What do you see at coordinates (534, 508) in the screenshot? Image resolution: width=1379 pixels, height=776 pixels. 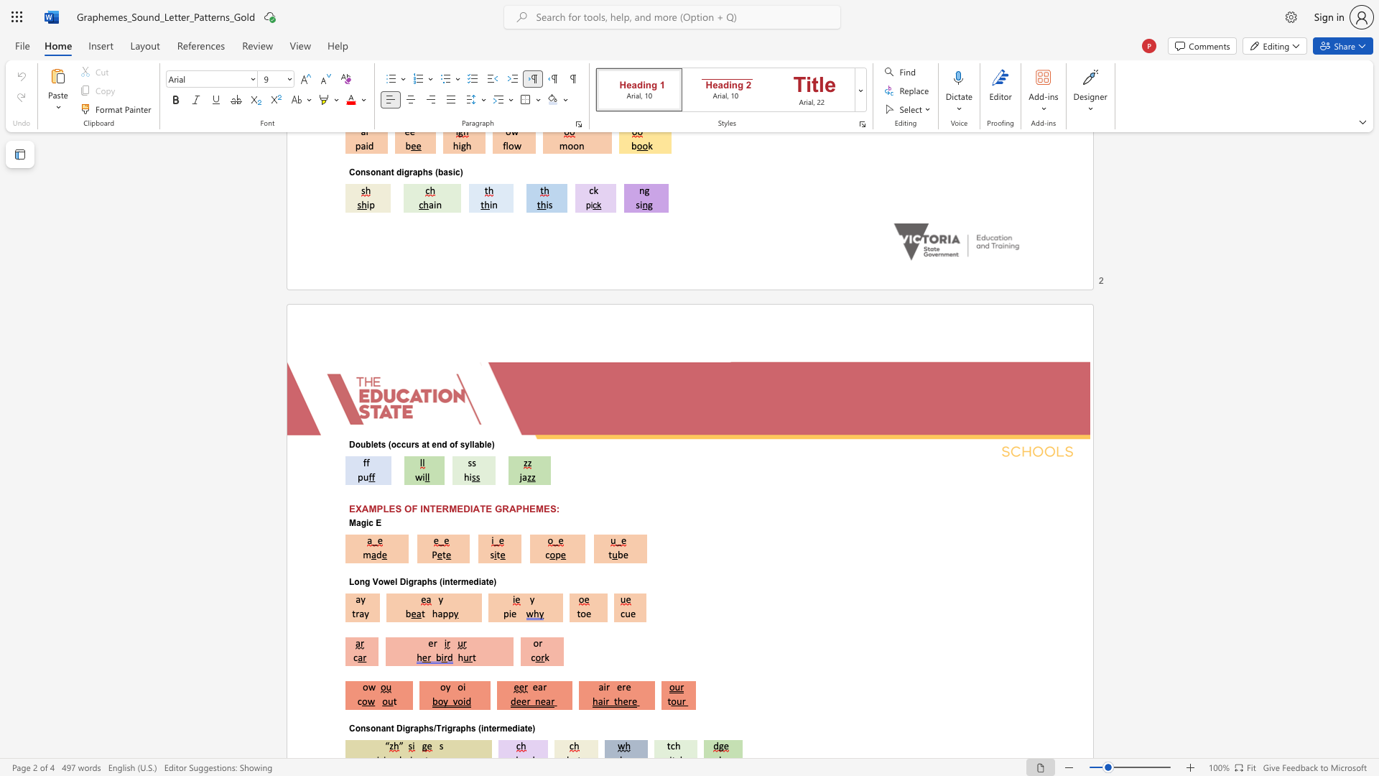 I see `the subset text "MES:" within the text "EXAMPLES OF INTERMEDIATE GRAPHEMES:"` at bounding box center [534, 508].